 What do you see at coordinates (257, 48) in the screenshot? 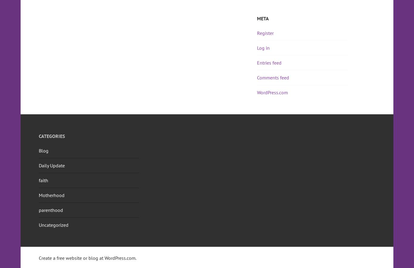
I see `'Log in'` at bounding box center [257, 48].